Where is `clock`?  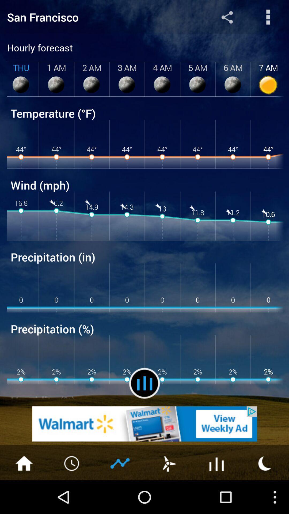
clock is located at coordinates (72, 463).